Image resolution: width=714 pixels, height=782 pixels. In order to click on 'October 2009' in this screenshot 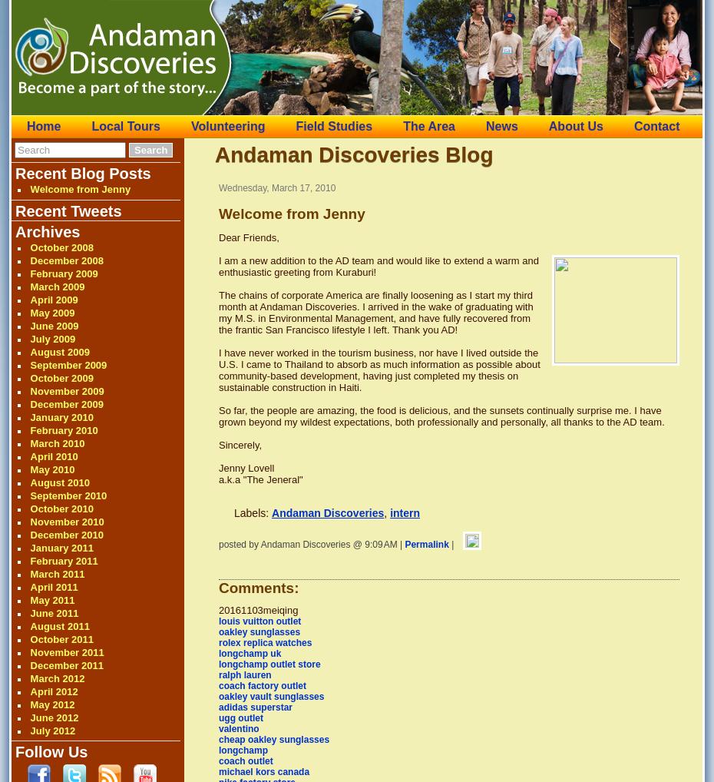, I will do `click(28, 378)`.